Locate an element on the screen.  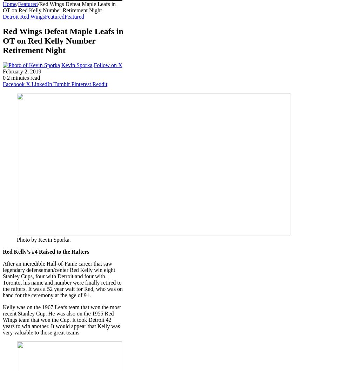
'After an incredible Hall-of-Fame career that saw legendary defenseman/center Red Kelly win eight Stanley Cups, four with Detroit and four with Toronto, his name and number were finally retired to the rafters. It was a 52 year wait for Red, who was on hand for the ceremony at the age of 91.' is located at coordinates (62, 279).